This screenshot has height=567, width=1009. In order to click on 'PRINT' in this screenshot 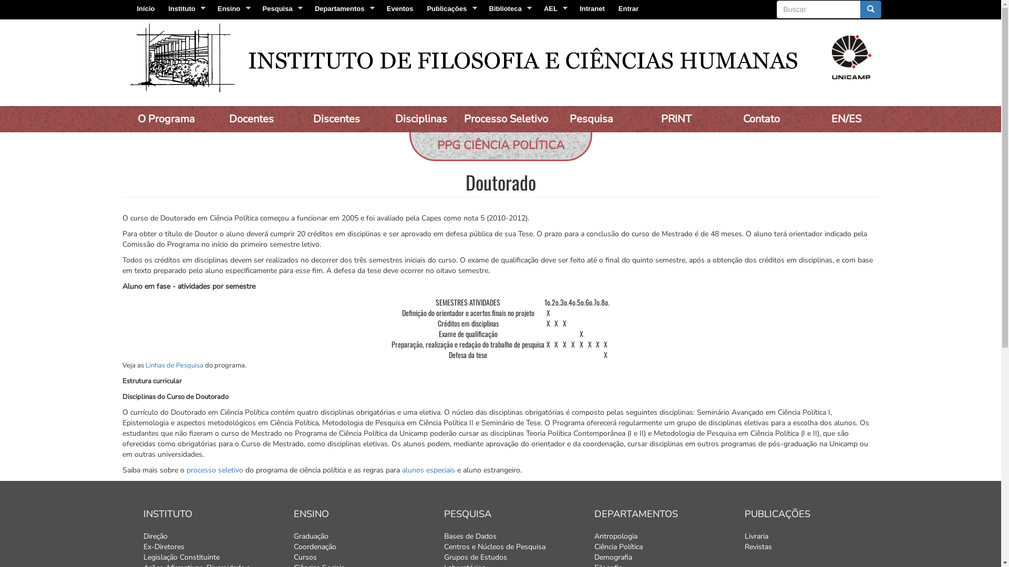, I will do `click(676, 119)`.